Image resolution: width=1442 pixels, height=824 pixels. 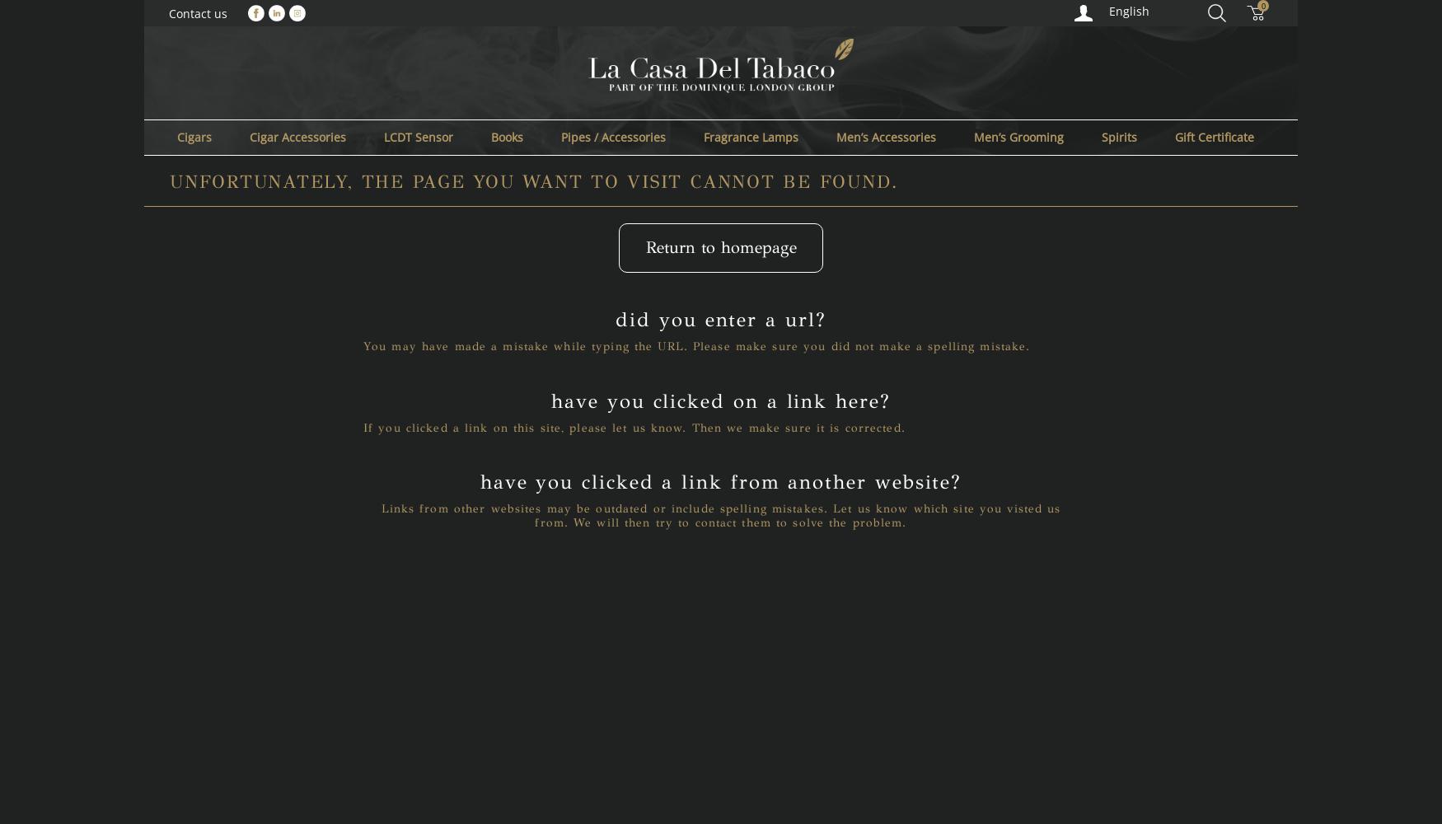 What do you see at coordinates (169, 180) in the screenshot?
I see `'Unfortunately, the page you want to visit cannot be found.'` at bounding box center [169, 180].